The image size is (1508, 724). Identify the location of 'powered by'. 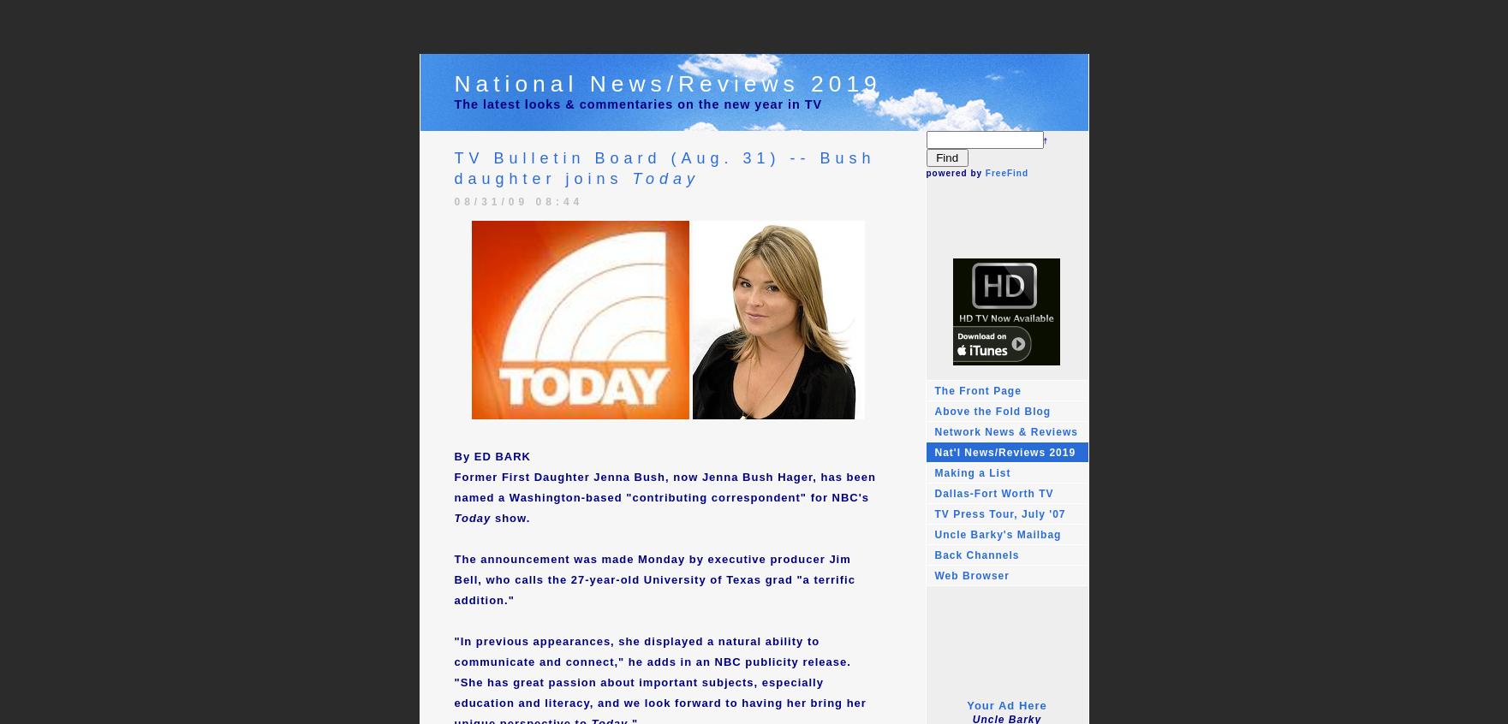
(954, 172).